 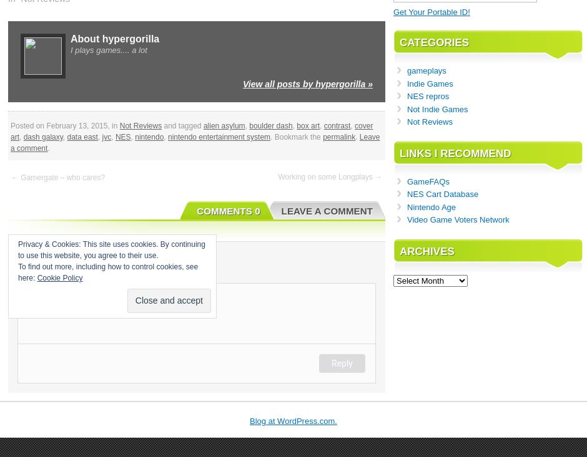 What do you see at coordinates (111, 250) in the screenshot?
I see `'Privacy & Cookies: This site uses cookies. By continuing to use this website, you agree to their use.'` at bounding box center [111, 250].